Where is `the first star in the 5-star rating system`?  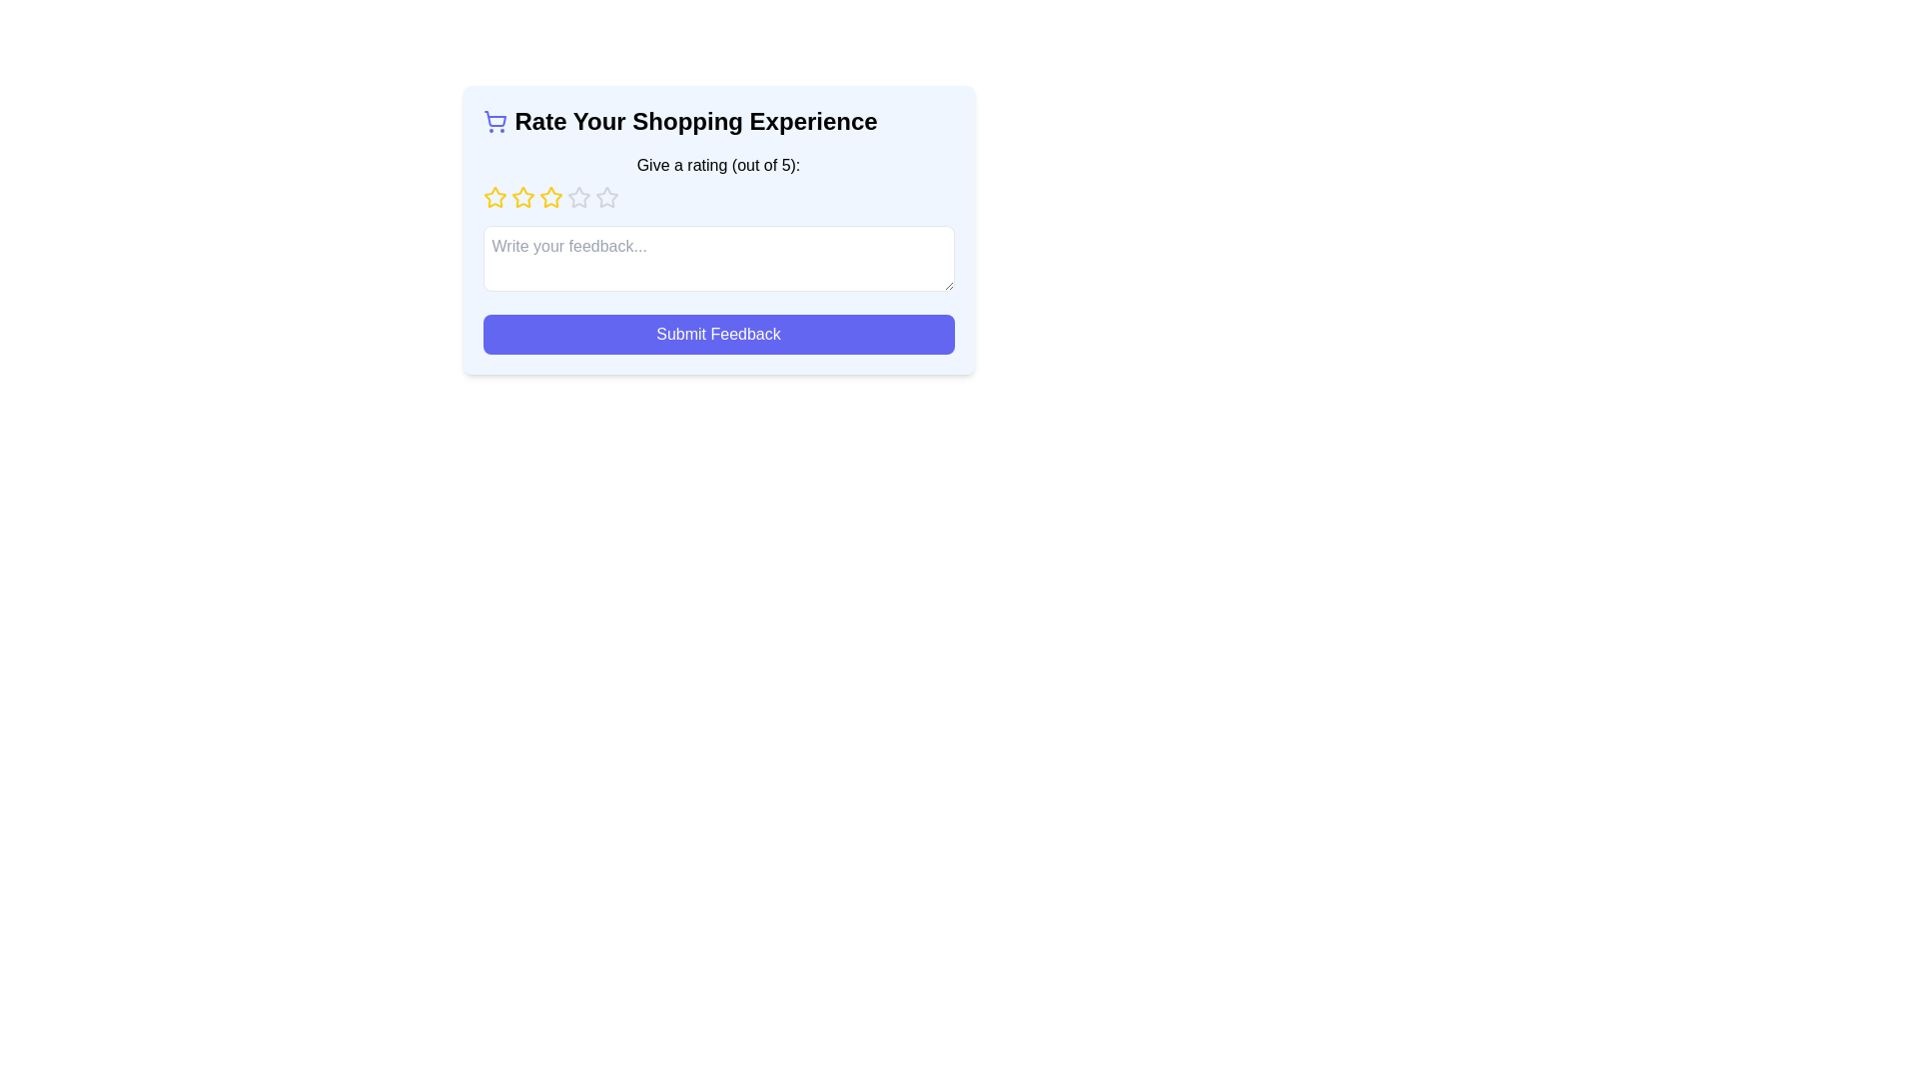
the first star in the 5-star rating system is located at coordinates (494, 197).